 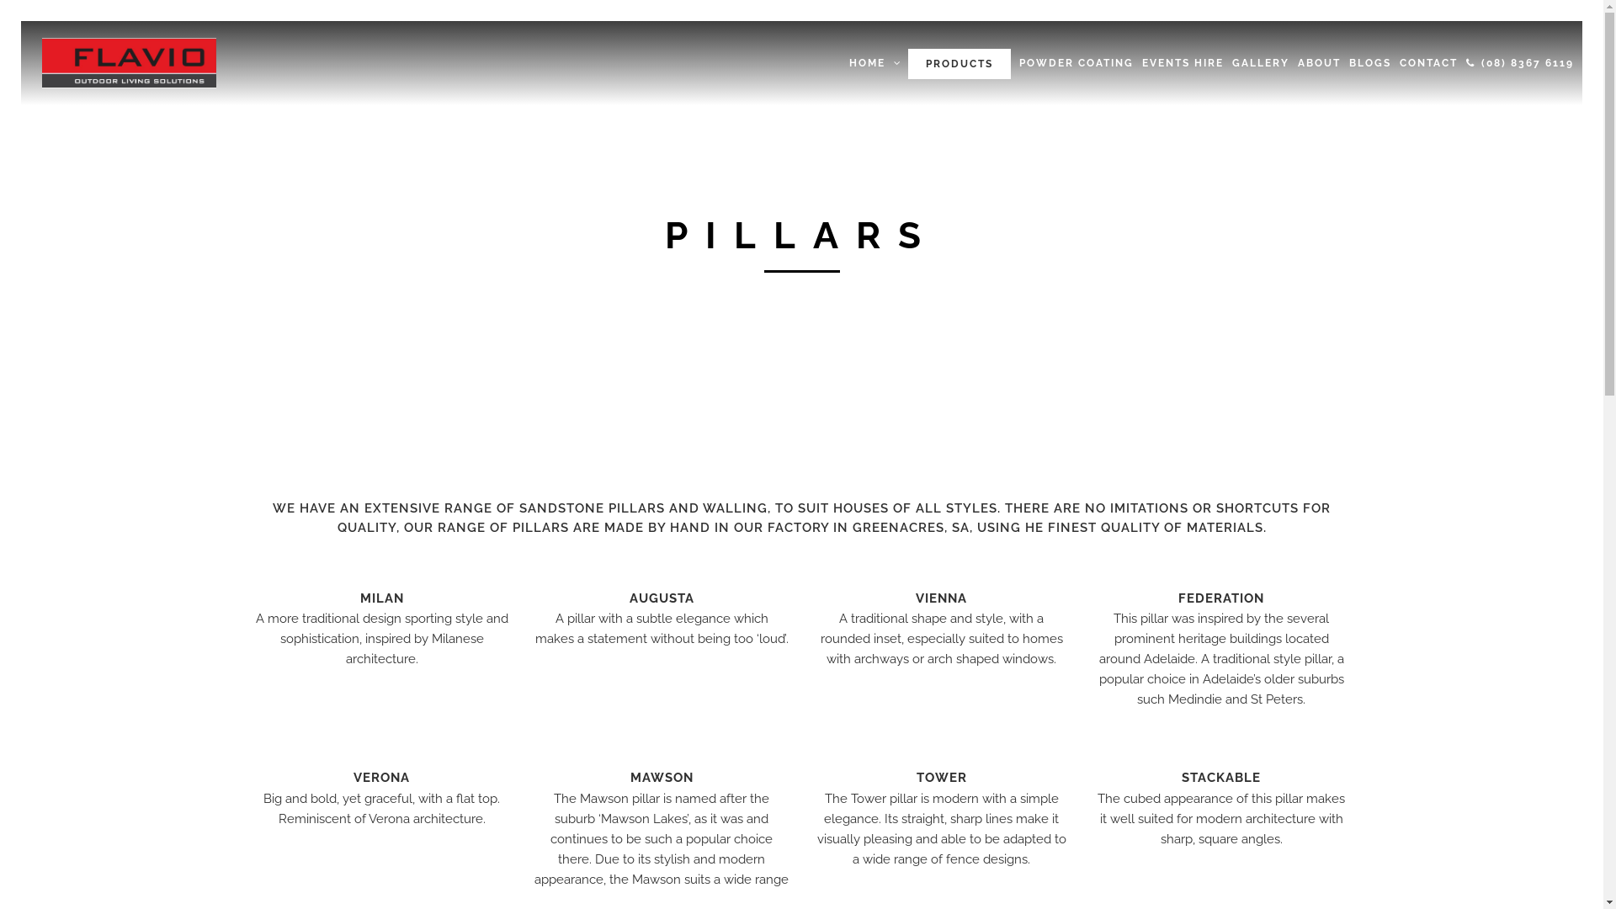 What do you see at coordinates (1427, 61) in the screenshot?
I see `'CONTACT'` at bounding box center [1427, 61].